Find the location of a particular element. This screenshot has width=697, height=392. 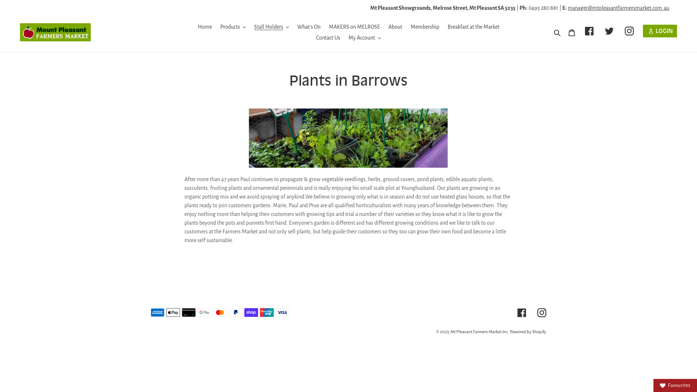

'Search' is located at coordinates (557, 32).